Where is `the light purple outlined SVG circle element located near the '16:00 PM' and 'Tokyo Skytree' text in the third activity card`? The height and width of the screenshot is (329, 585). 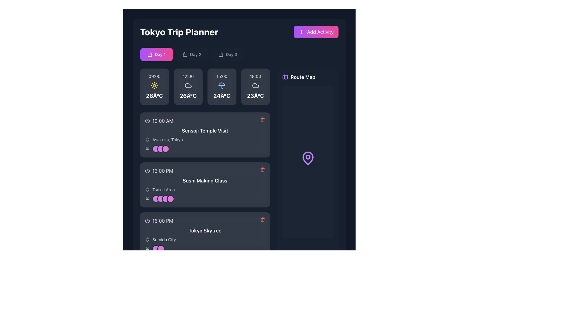 the light purple outlined SVG circle element located near the '16:00 PM' and 'Tokyo Skytree' text in the third activity card is located at coordinates (147, 221).